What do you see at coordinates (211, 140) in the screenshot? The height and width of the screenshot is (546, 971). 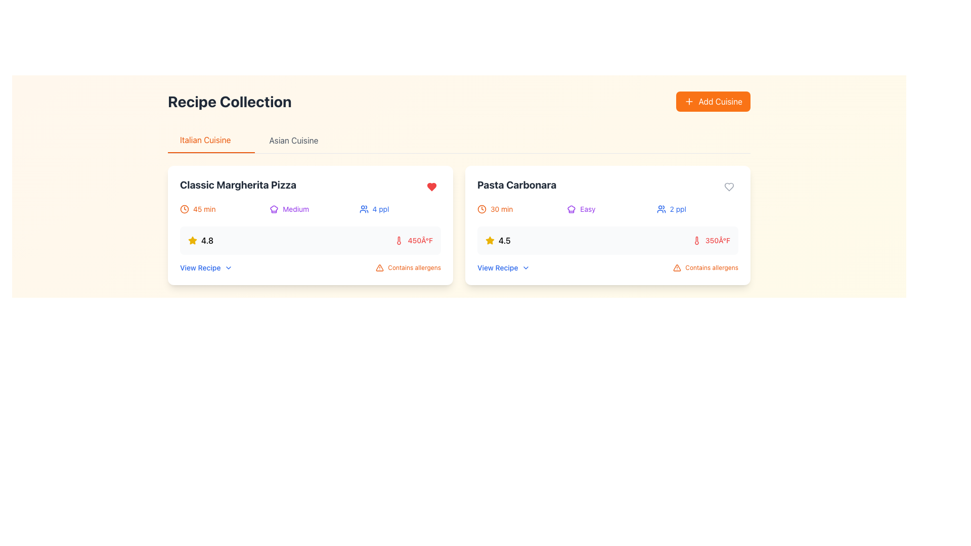 I see `the leftmost navigation tab that filters or displays content related to Italian cuisine` at bounding box center [211, 140].